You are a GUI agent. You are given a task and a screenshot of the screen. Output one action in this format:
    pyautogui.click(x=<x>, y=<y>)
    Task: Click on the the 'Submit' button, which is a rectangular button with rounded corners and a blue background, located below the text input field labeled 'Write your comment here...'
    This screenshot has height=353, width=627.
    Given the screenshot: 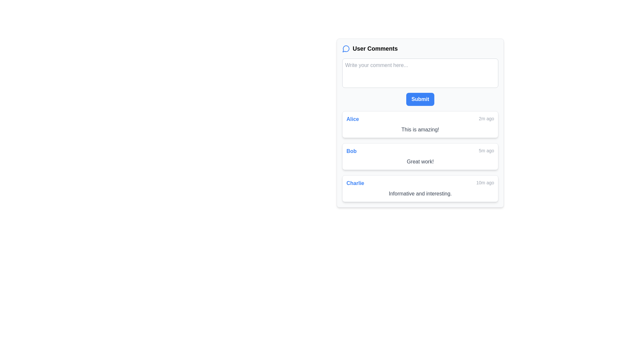 What is the action you would take?
    pyautogui.click(x=420, y=99)
    